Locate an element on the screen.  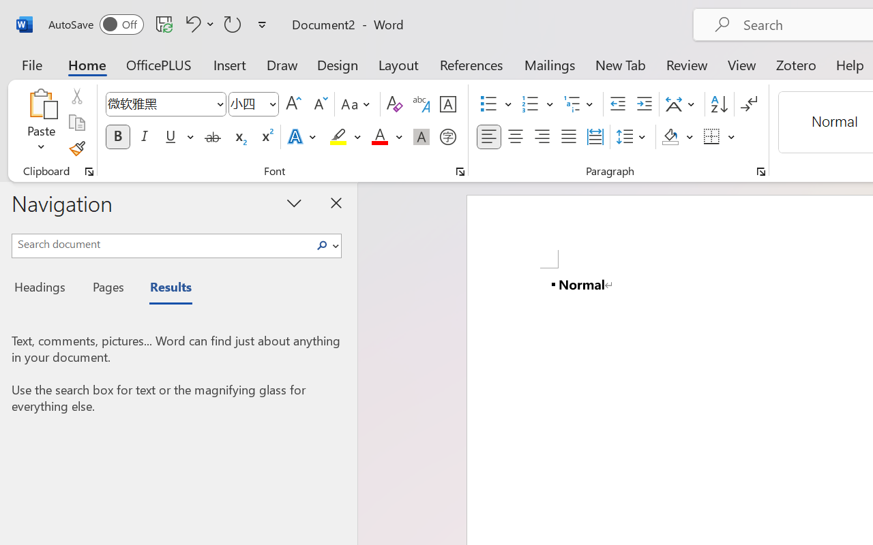
'Undo <ApplyStyleToDoc>b__0' is located at coordinates (197, 23).